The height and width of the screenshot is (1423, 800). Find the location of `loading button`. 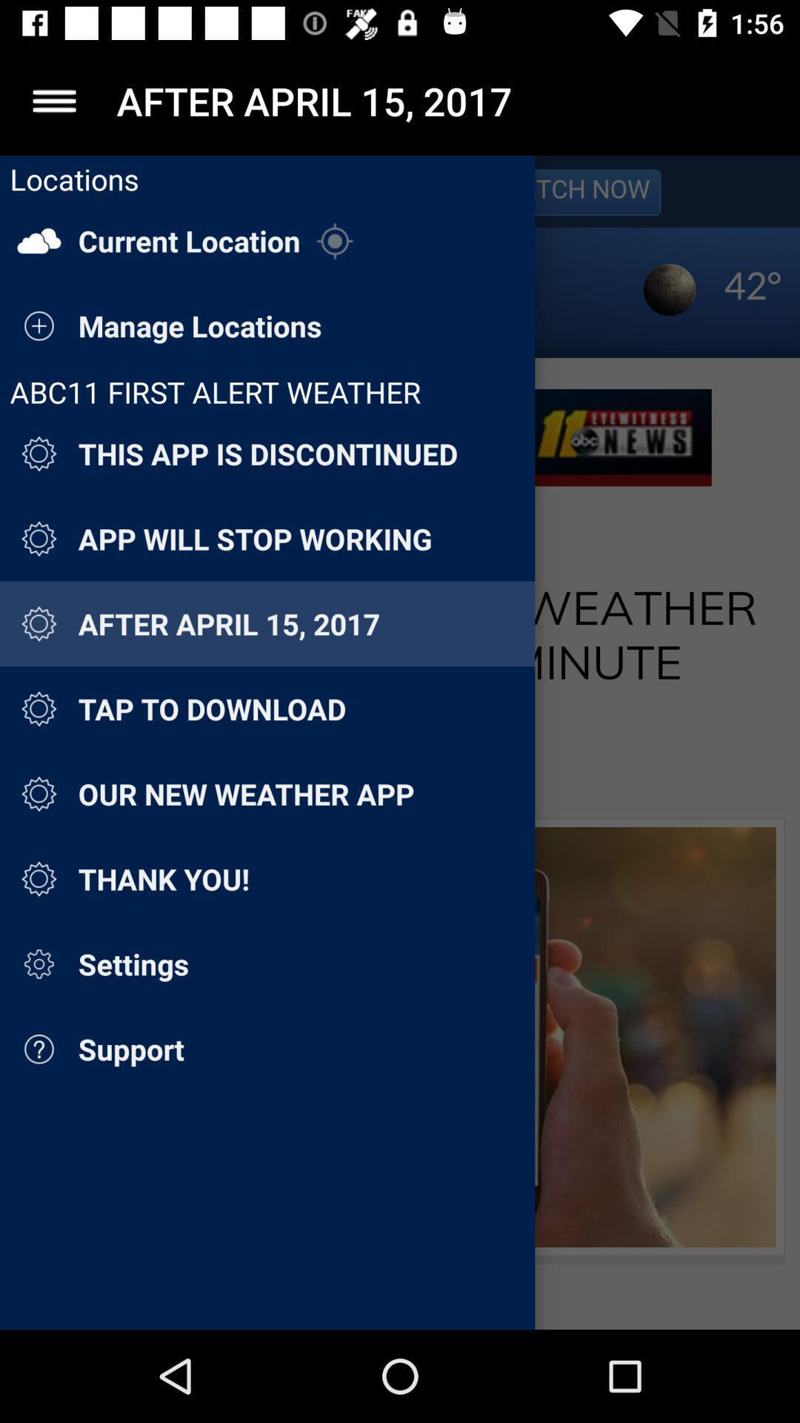

loading button is located at coordinates (400, 743).